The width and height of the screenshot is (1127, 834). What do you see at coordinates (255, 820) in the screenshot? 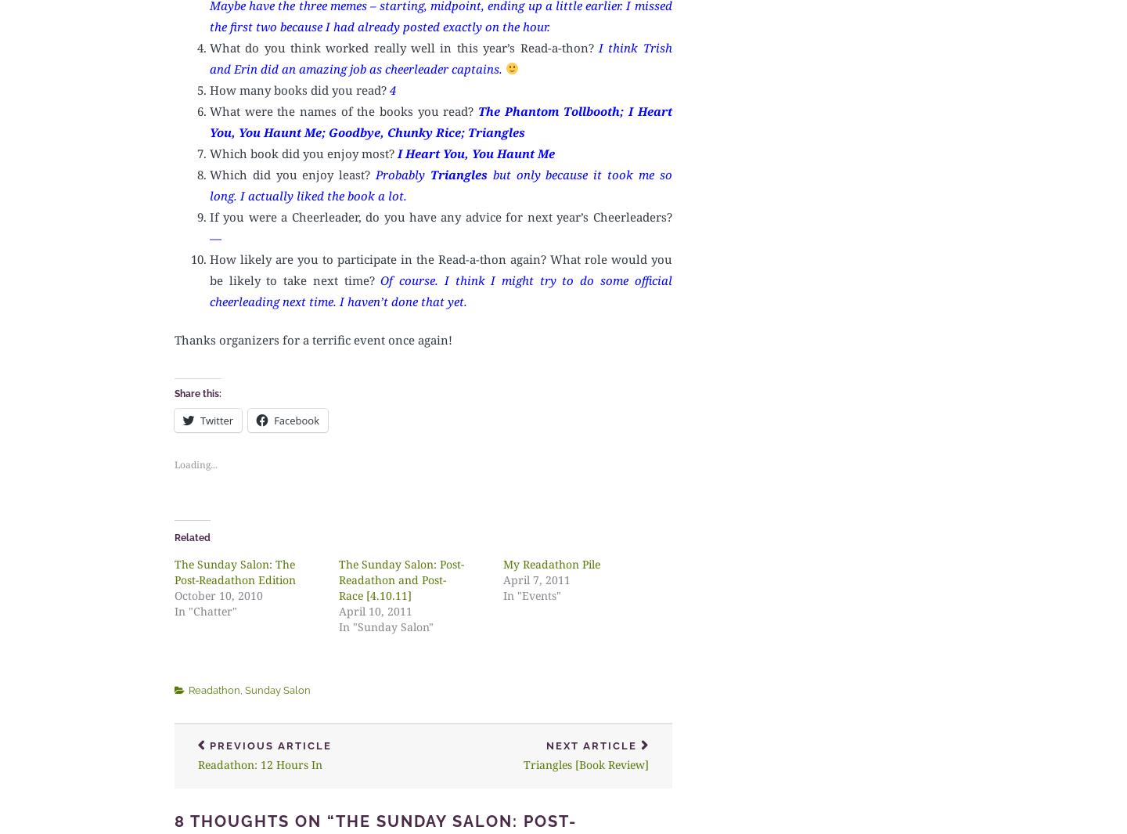
I see `'8 thoughts on “'` at bounding box center [255, 820].